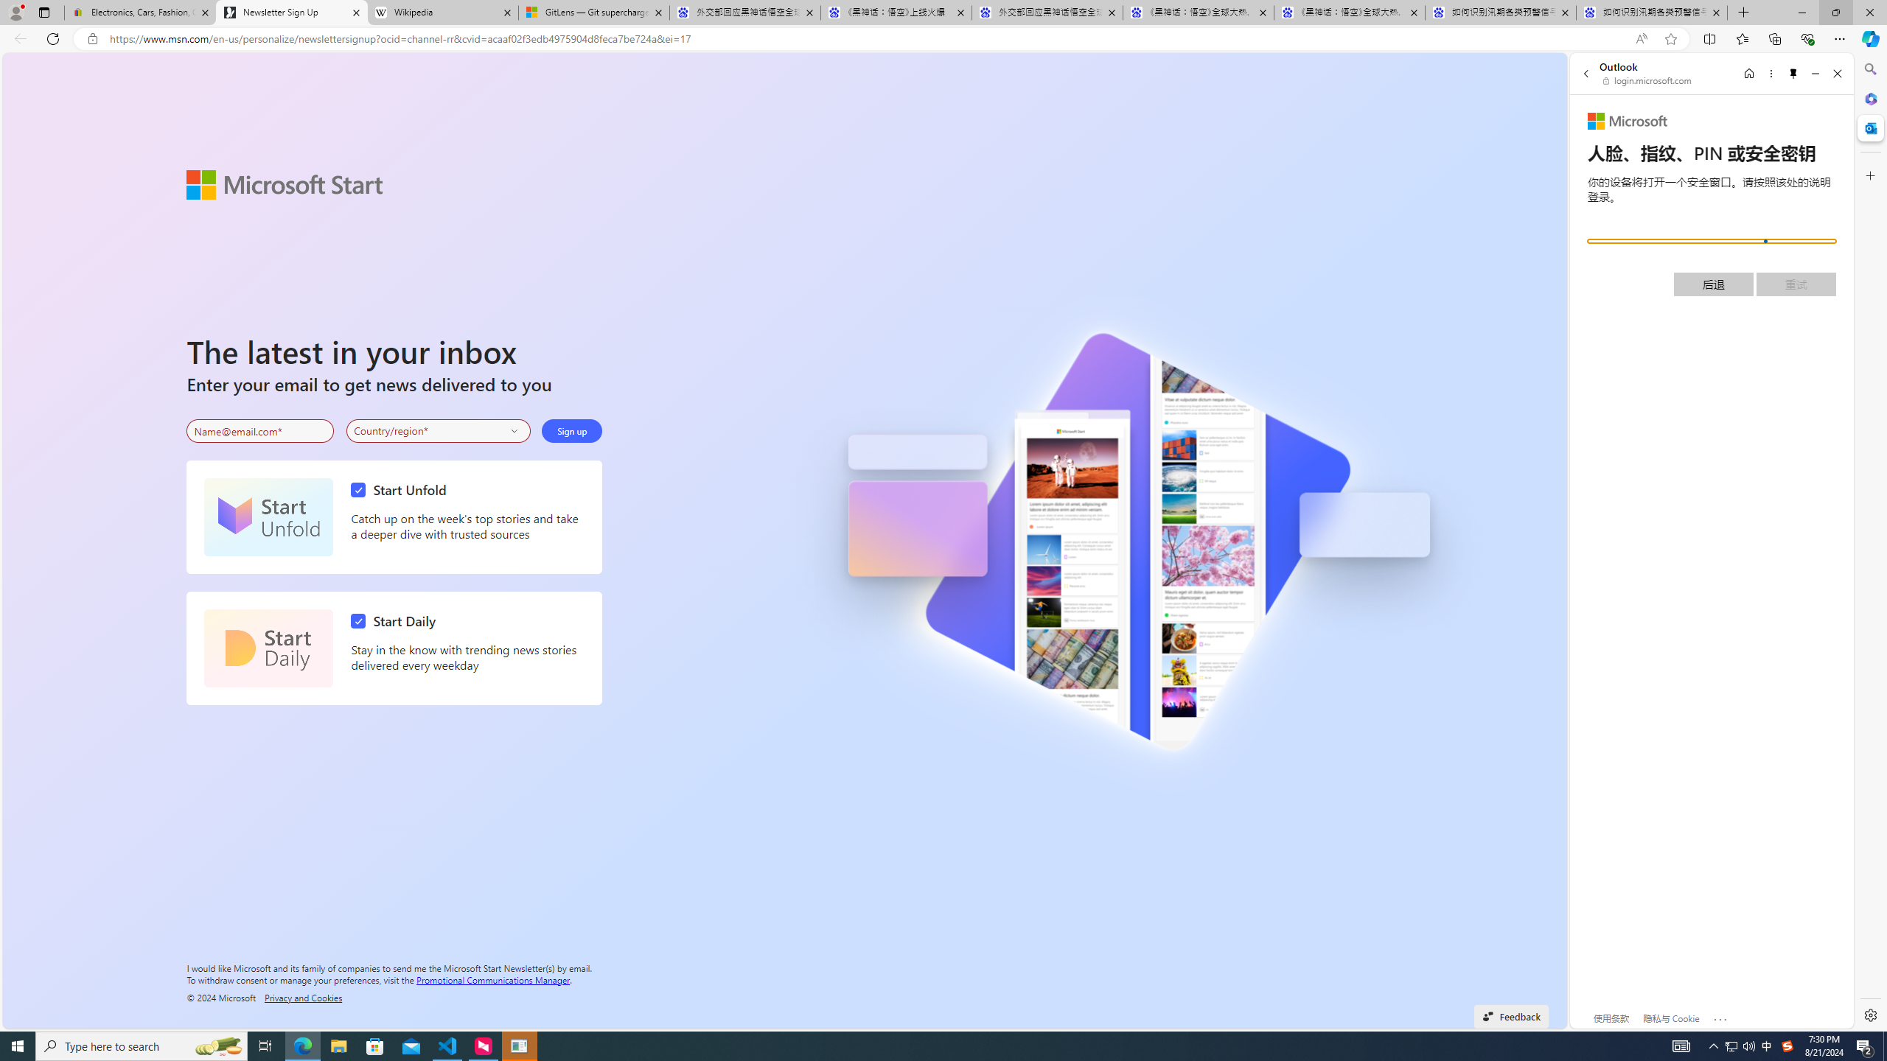  Describe the element at coordinates (492, 978) in the screenshot. I see `'Promotional Communications Manager'` at that location.